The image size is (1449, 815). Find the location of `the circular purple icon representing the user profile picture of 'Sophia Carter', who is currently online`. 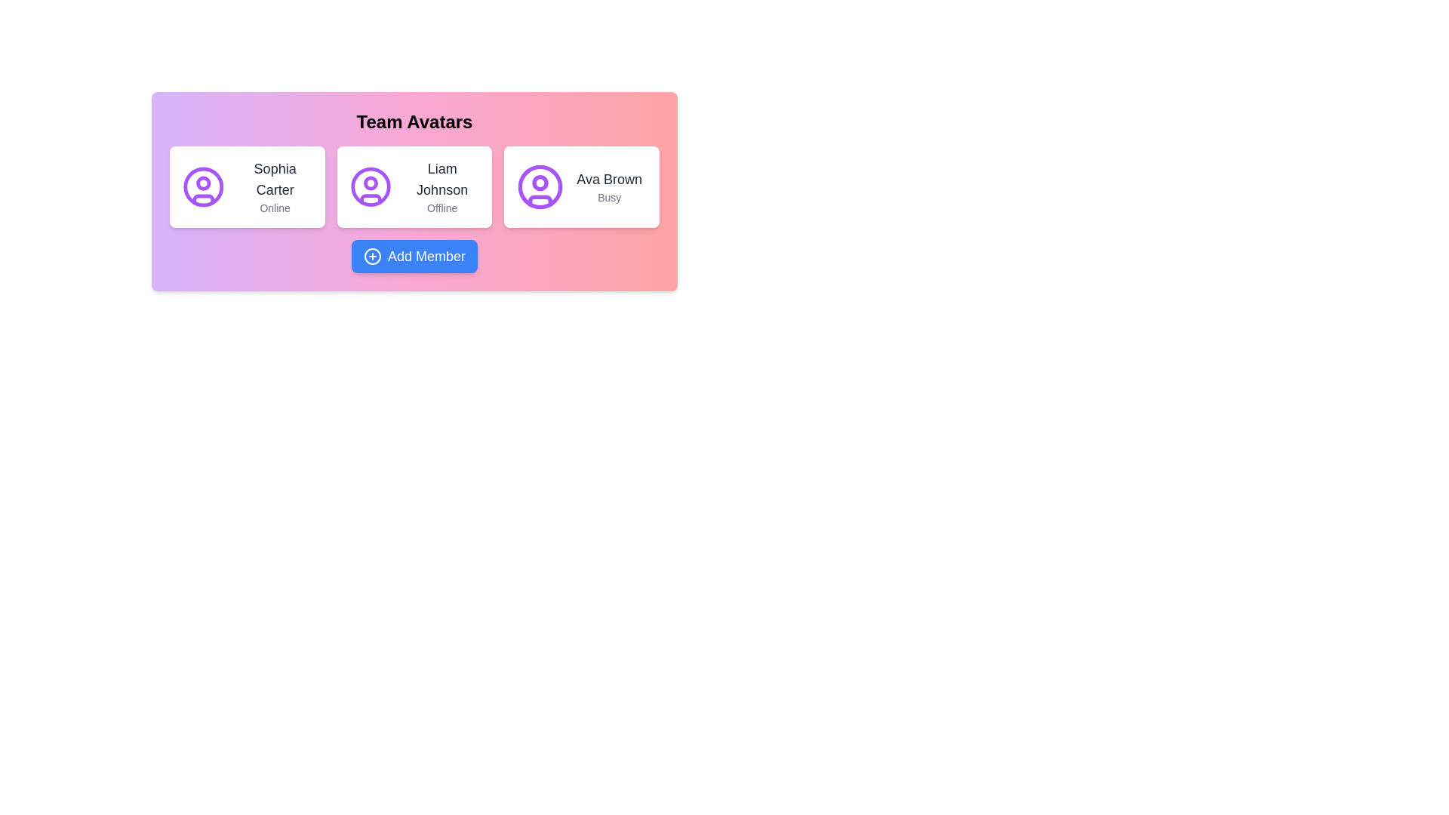

the circular purple icon representing the user profile picture of 'Sophia Carter', who is currently online is located at coordinates (202, 186).